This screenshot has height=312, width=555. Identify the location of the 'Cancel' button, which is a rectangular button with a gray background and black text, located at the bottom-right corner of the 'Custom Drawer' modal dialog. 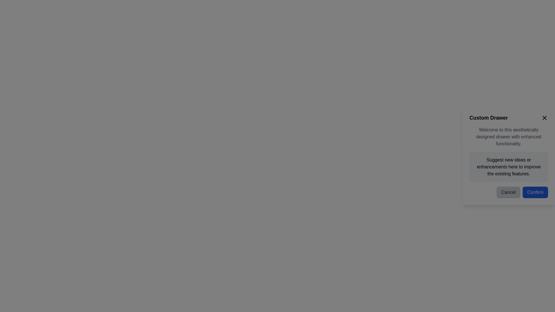
(509, 190).